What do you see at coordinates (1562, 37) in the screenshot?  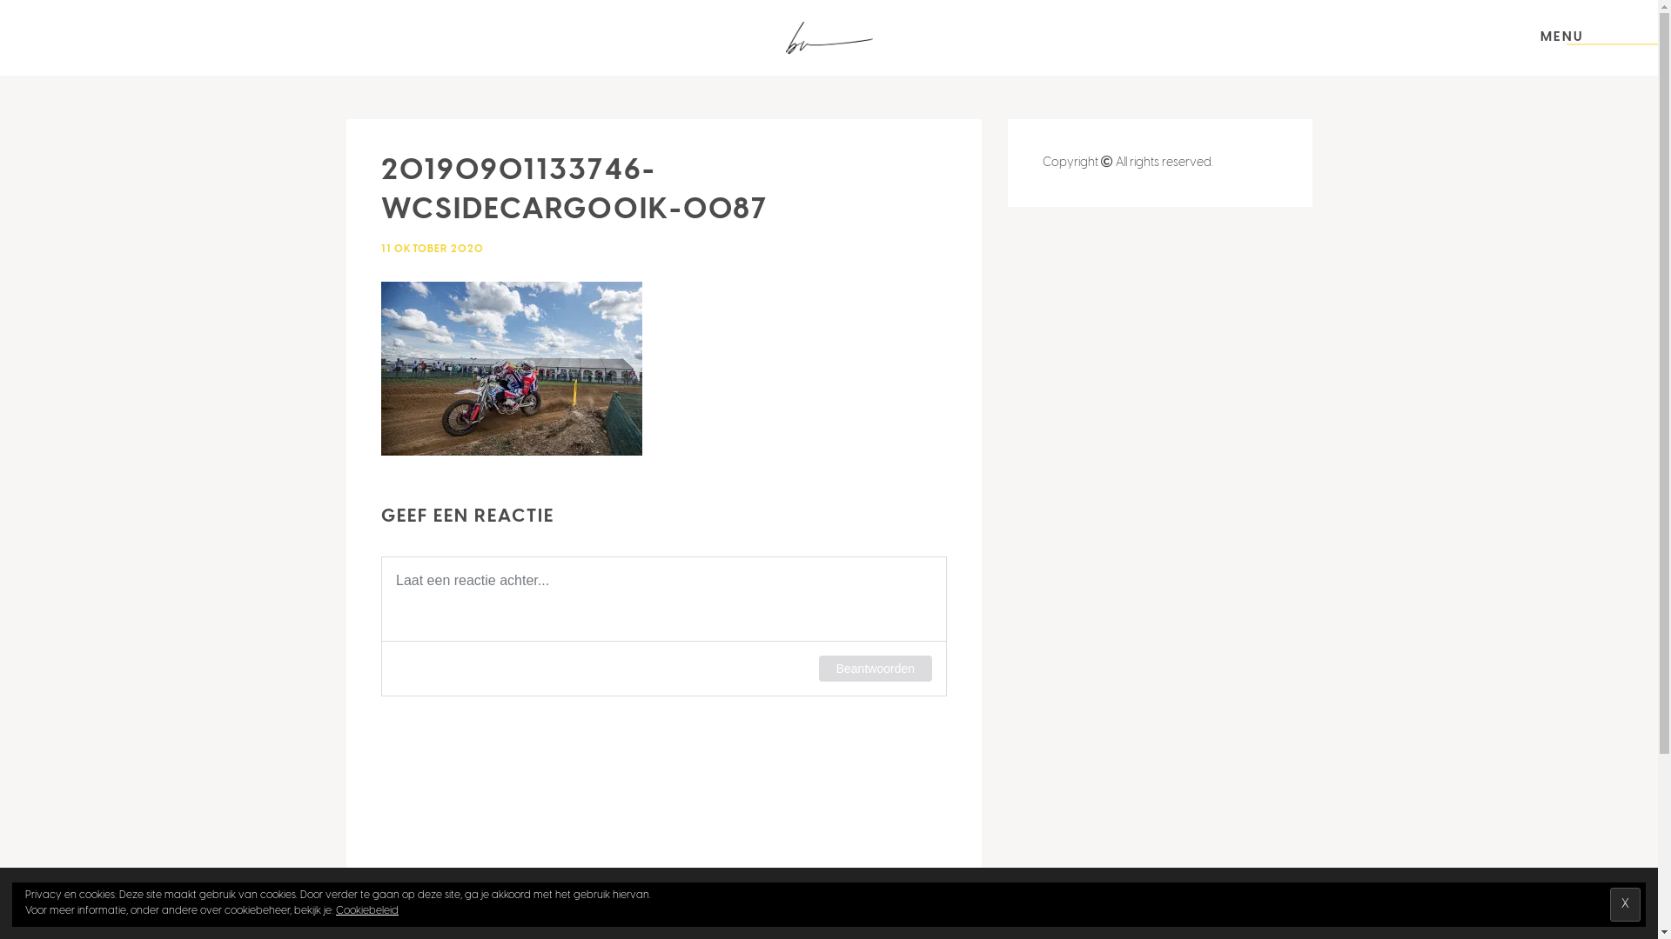 I see `'MENU'` at bounding box center [1562, 37].